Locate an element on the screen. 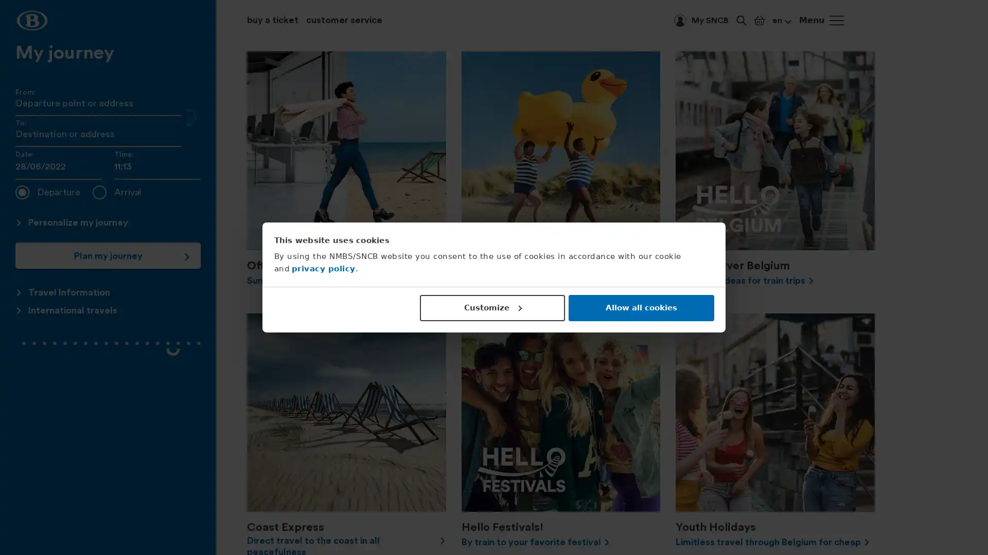 Image resolution: width=988 pixels, height=555 pixels. Menu is located at coordinates (821, 20).